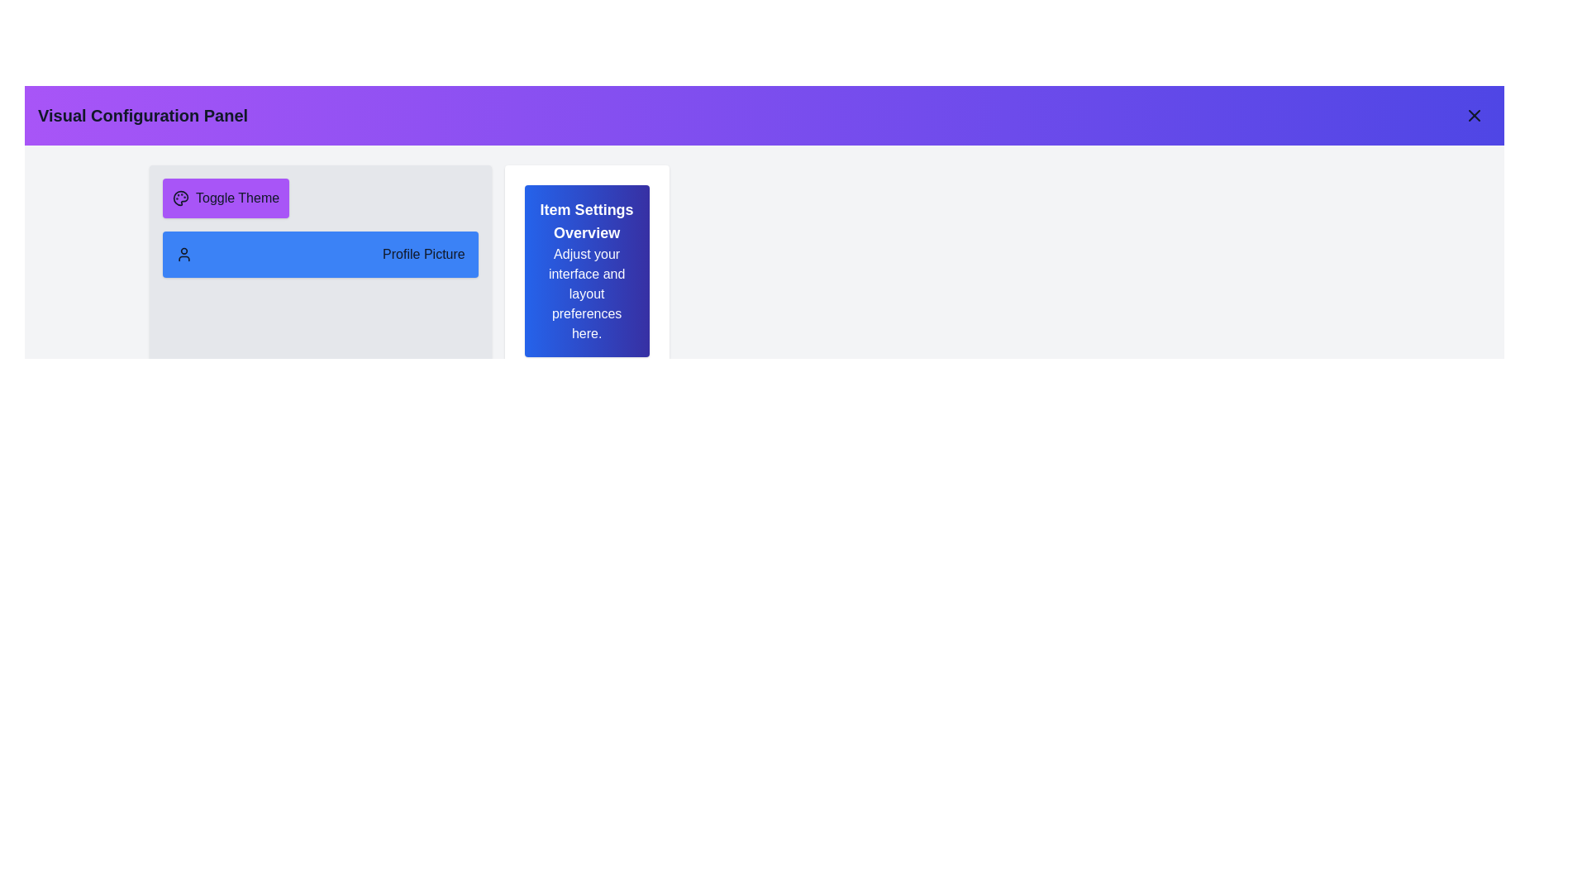 The image size is (1587, 893). Describe the element at coordinates (142, 114) in the screenshot. I see `the text header that reads 'Visual Configuration Panel', which is styled in bold and large font within a gradient-colored rectangular banner` at that location.